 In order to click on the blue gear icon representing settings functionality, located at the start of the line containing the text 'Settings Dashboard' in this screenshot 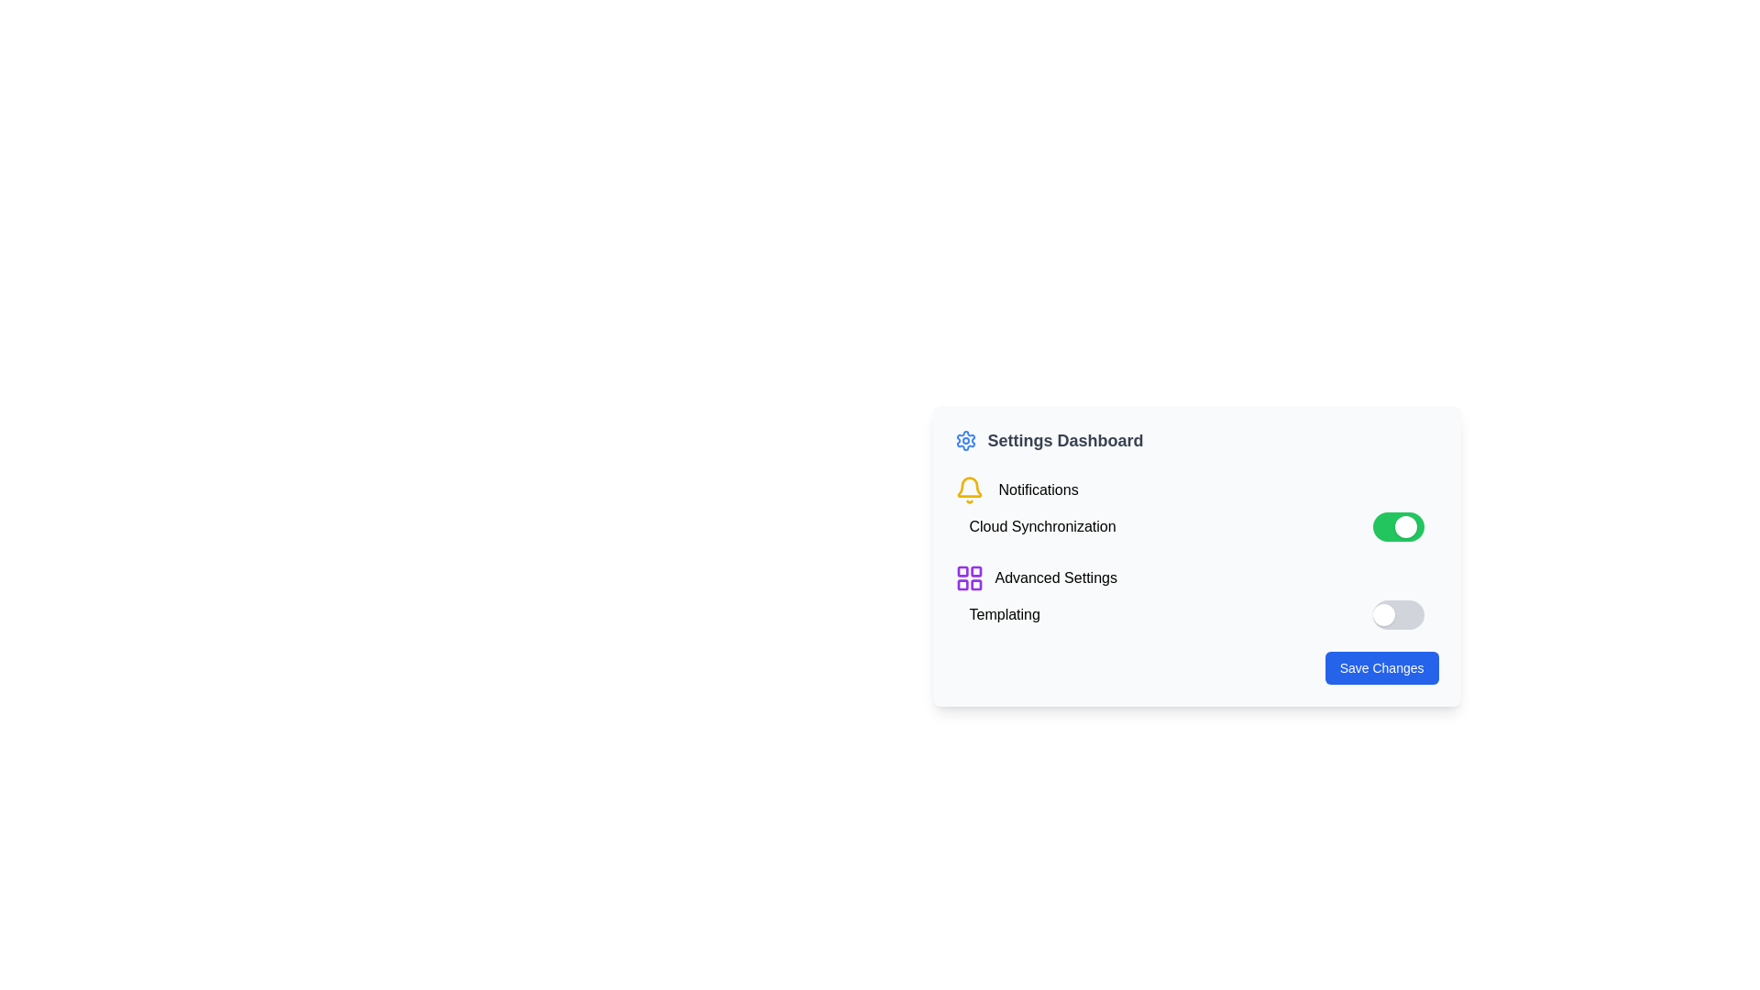, I will do `click(964, 441)`.